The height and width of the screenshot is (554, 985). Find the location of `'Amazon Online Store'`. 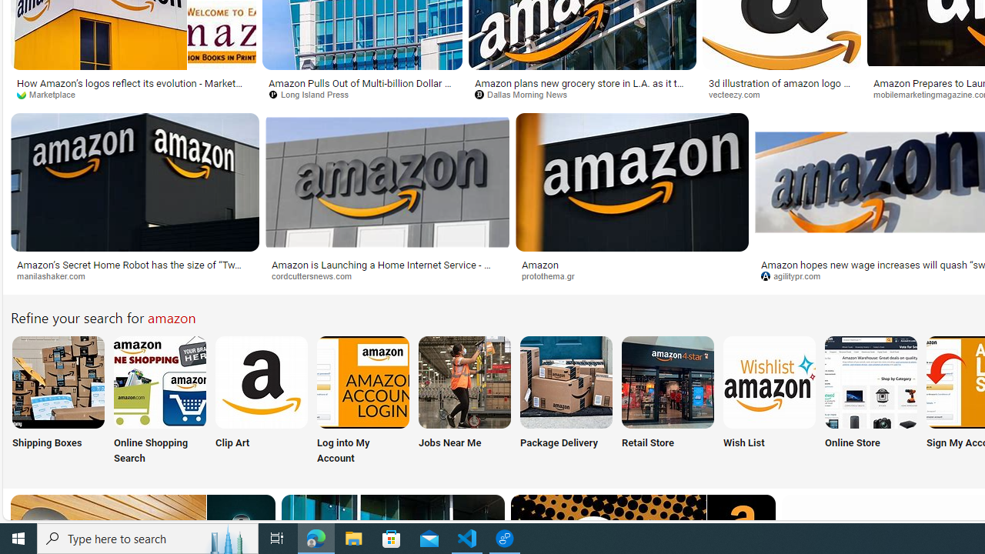

'Amazon Online Store' is located at coordinates (871, 381).